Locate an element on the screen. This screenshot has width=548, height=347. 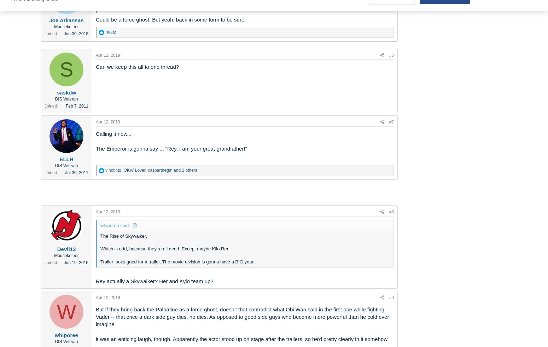
'saskdw' is located at coordinates (66, 92).